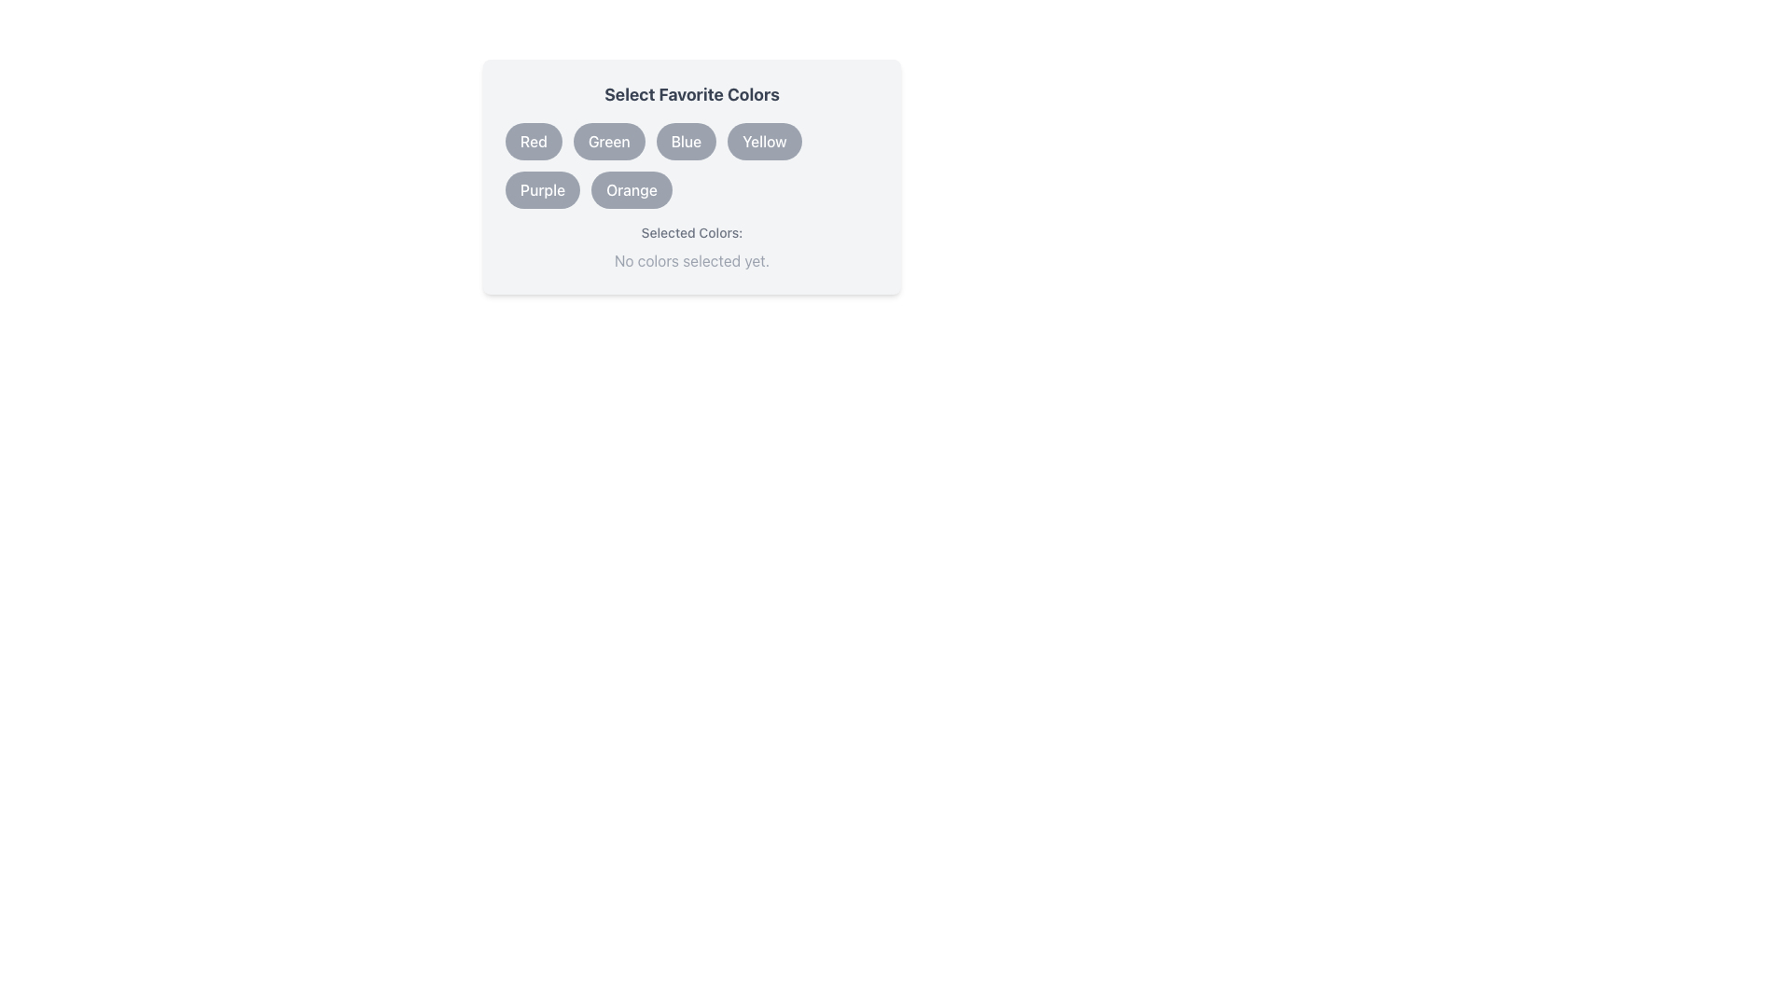 This screenshot has height=1007, width=1791. I want to click on the Text Label that indicates no colors have been chosen yet, located below 'Selected Colors:', so click(691, 261).